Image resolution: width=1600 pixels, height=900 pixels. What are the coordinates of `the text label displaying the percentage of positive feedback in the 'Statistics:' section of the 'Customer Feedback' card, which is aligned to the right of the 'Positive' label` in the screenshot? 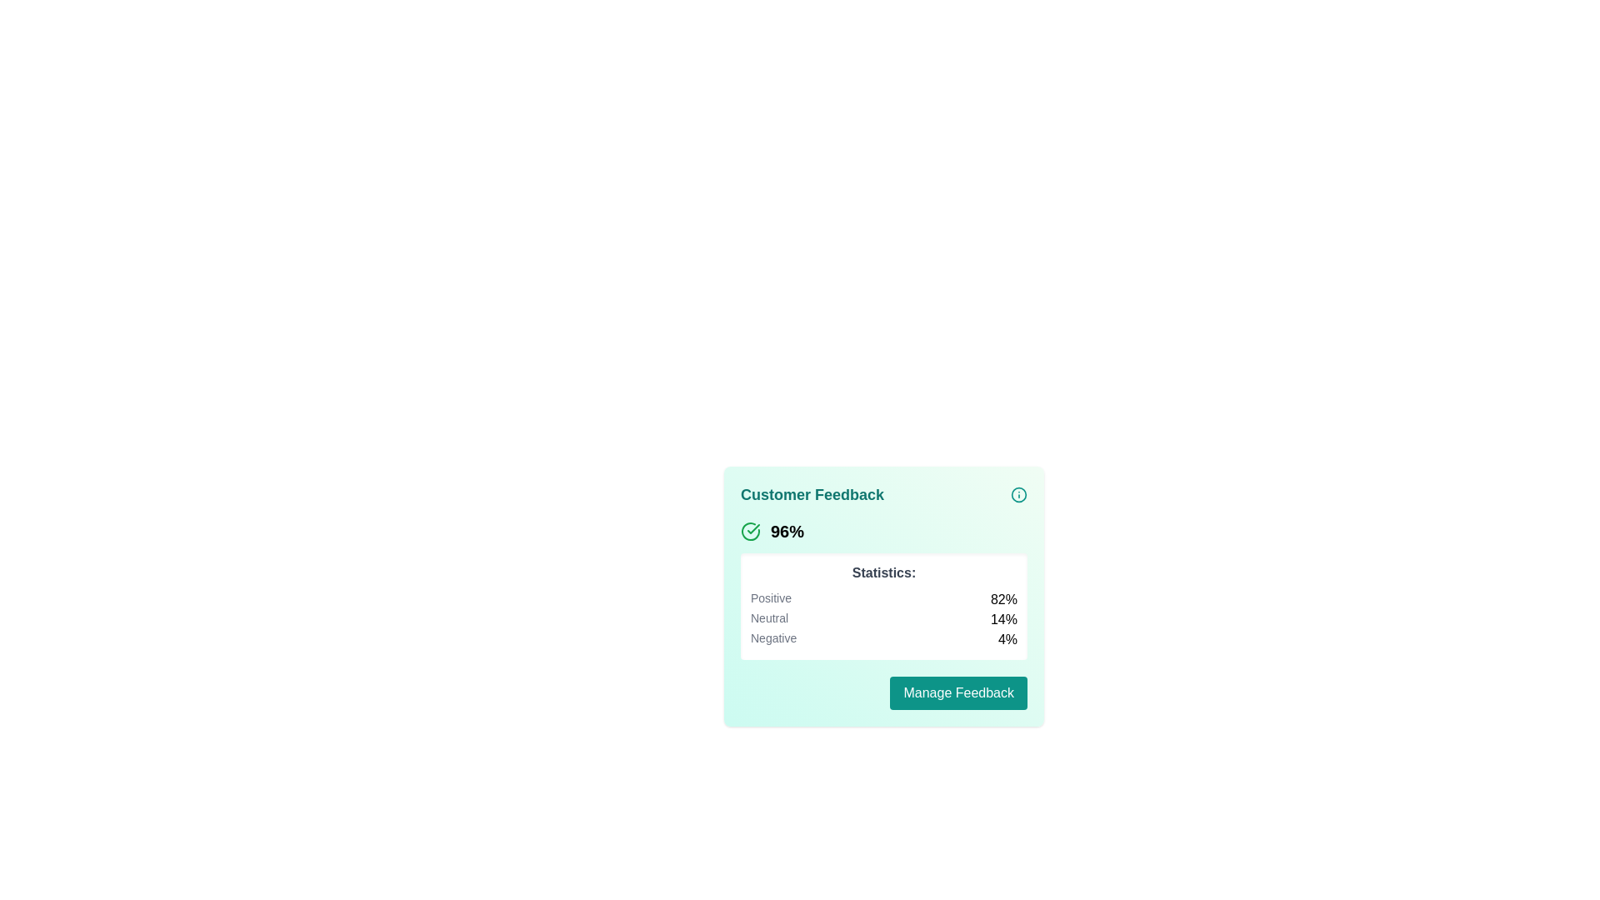 It's located at (1002, 600).